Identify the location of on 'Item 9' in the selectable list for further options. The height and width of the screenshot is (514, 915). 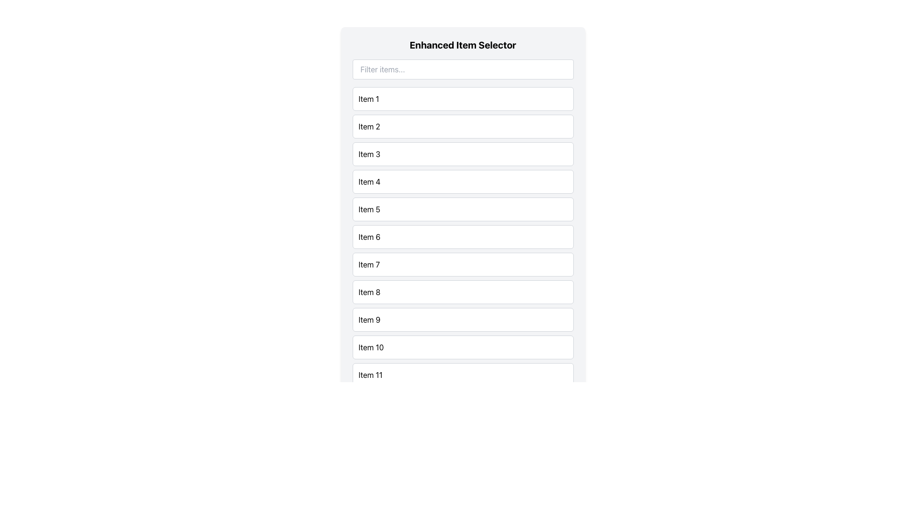
(463, 319).